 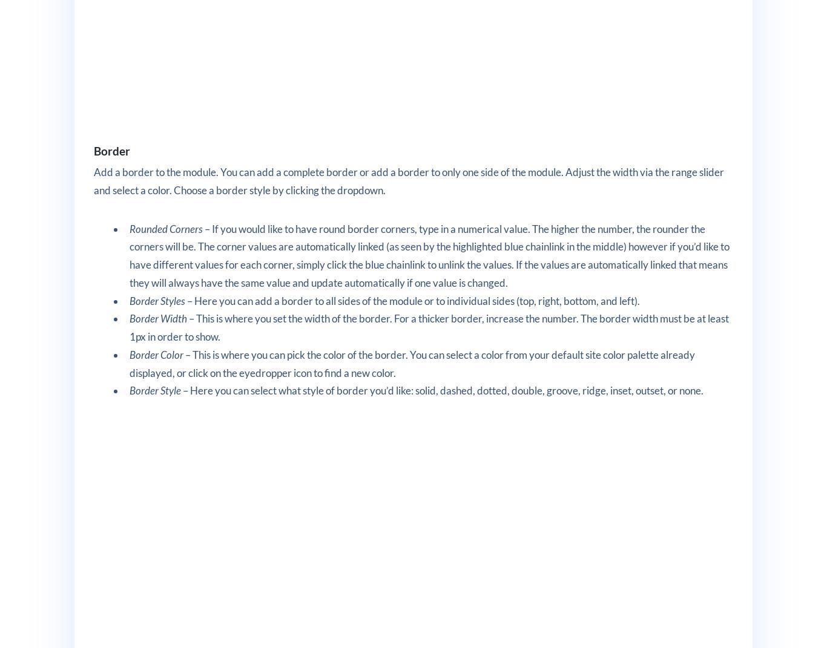 I want to click on 'Border Color', so click(x=129, y=354).